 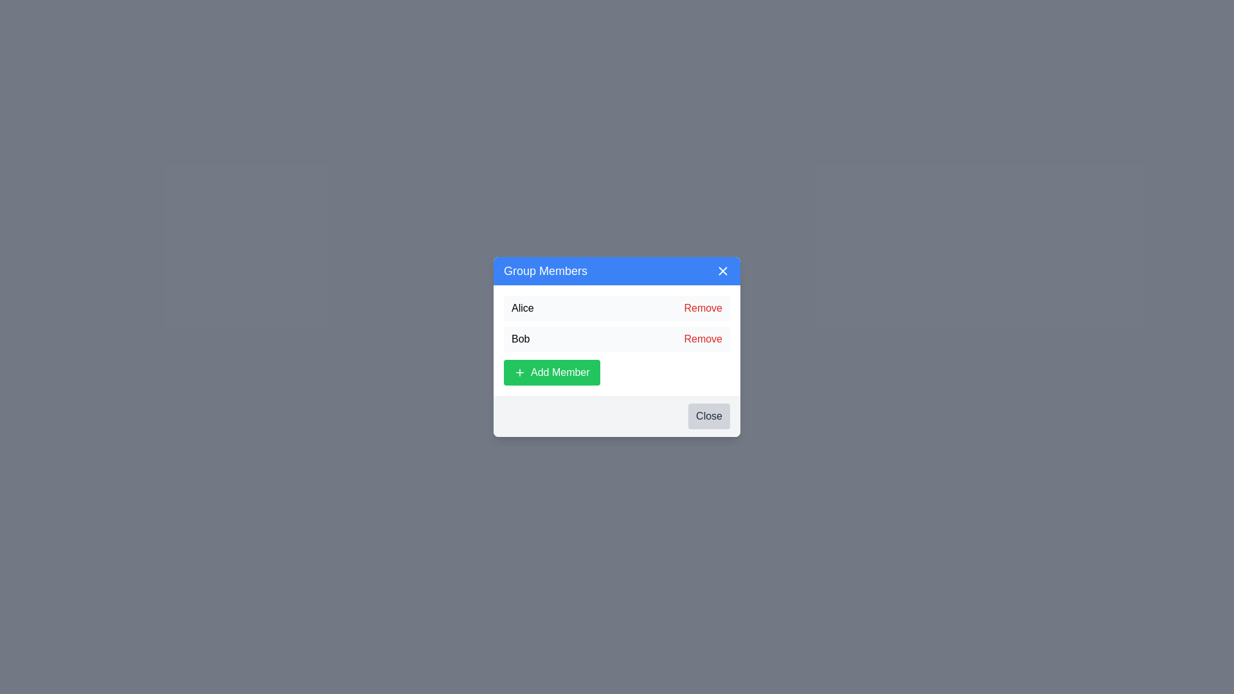 What do you see at coordinates (722, 270) in the screenshot?
I see `the button located in the top-right corner of the 'Group Members' modal` at bounding box center [722, 270].